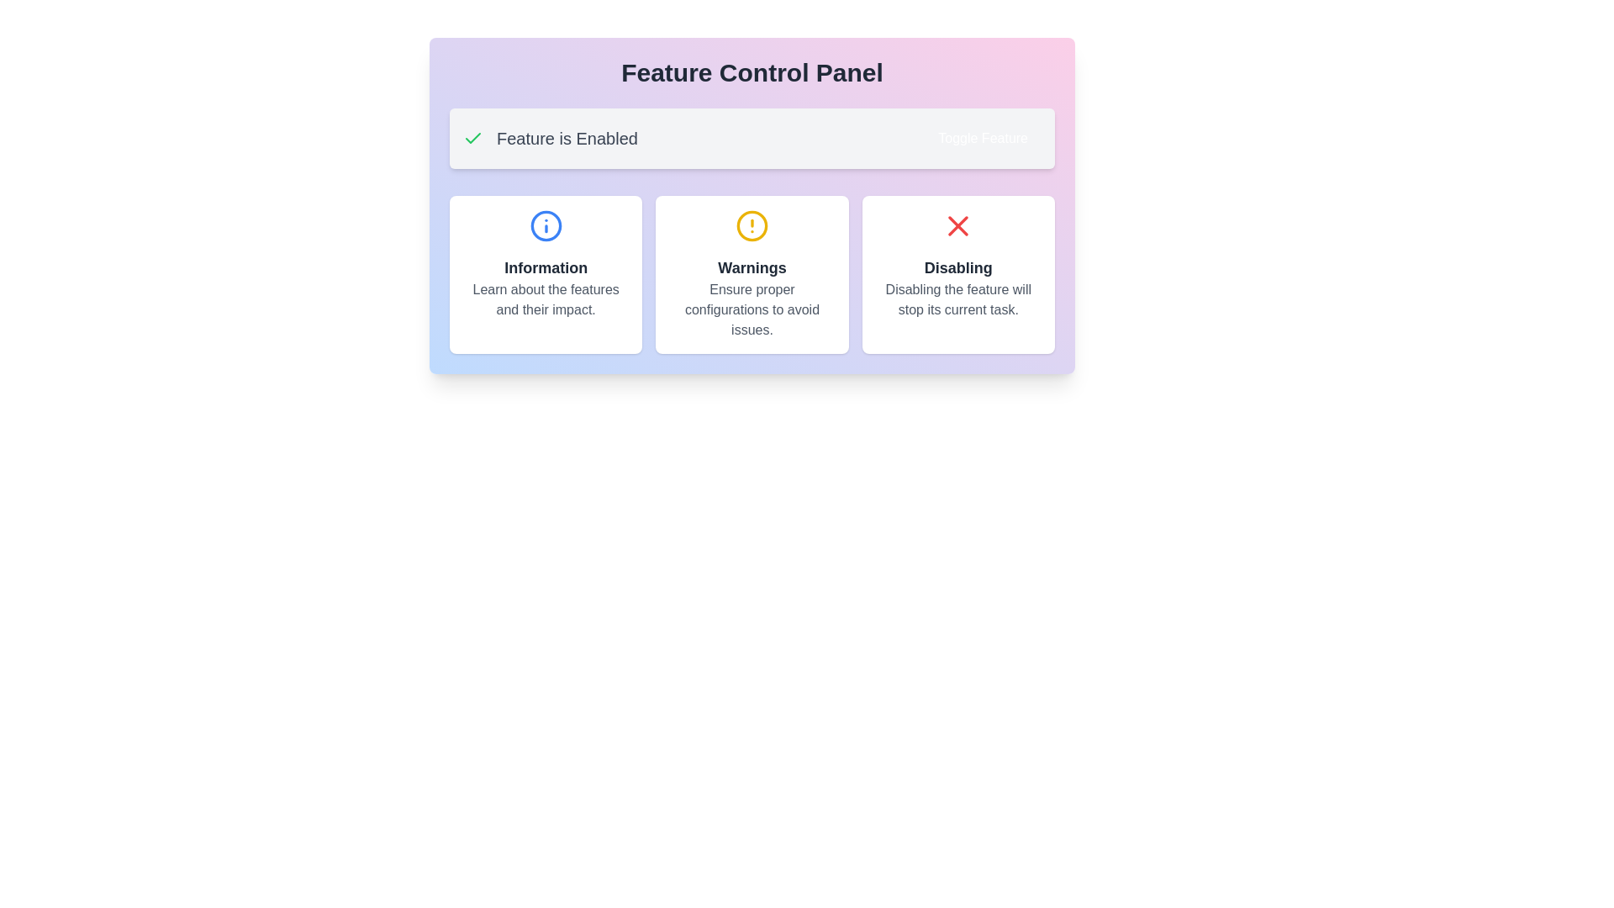 The height and width of the screenshot is (908, 1614). What do you see at coordinates (546, 225) in the screenshot?
I see `the blue circular outline of the informational icon within the 'Information' card located in the lower section of the 'Feature Control Panel' interface` at bounding box center [546, 225].